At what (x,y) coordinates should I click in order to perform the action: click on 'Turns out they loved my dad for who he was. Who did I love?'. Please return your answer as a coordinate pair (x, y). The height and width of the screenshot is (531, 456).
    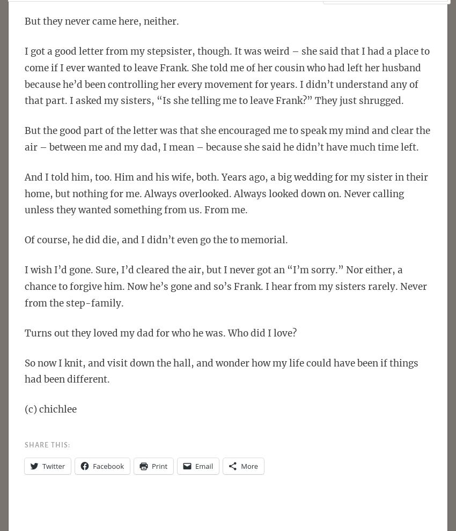
    Looking at the image, I should click on (160, 332).